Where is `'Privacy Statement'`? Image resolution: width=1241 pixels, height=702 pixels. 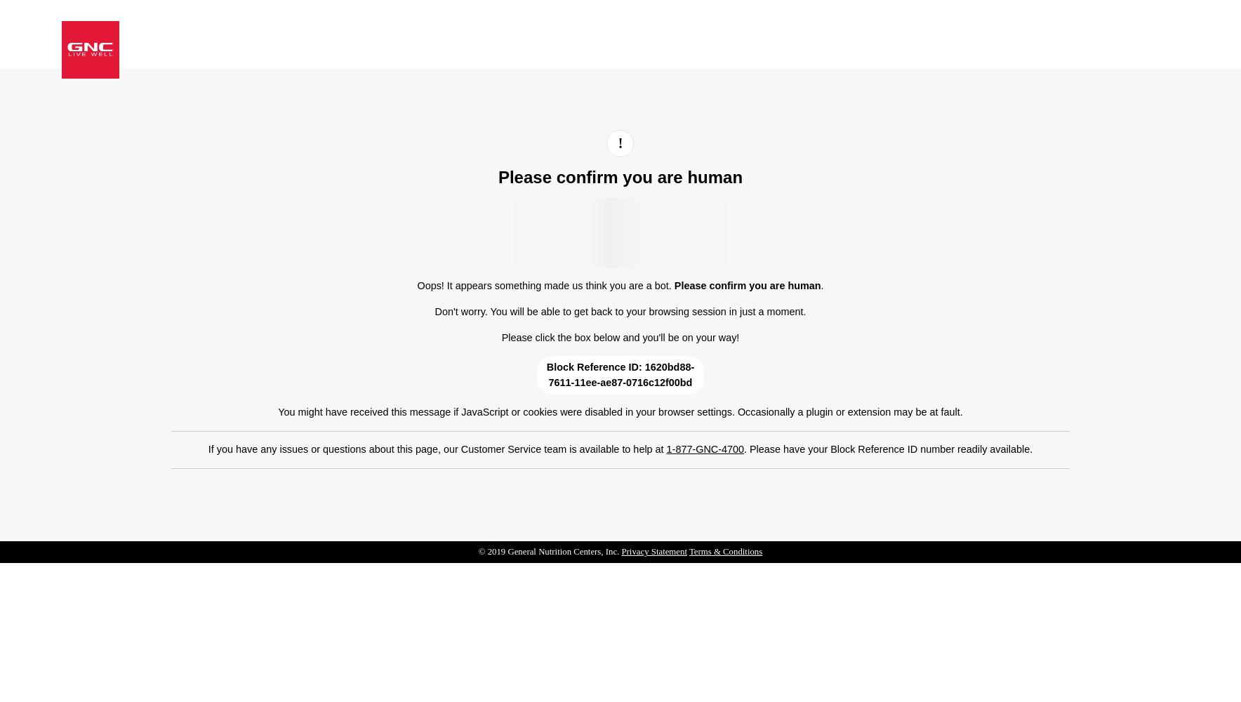
'Privacy Statement' is located at coordinates (620, 551).